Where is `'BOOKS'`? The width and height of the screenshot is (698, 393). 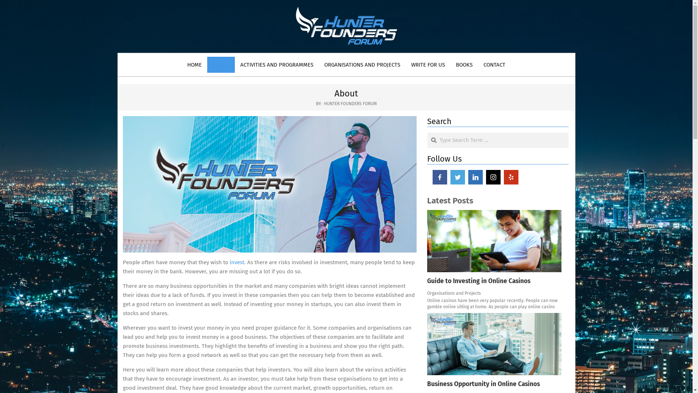
'BOOKS' is located at coordinates (450, 64).